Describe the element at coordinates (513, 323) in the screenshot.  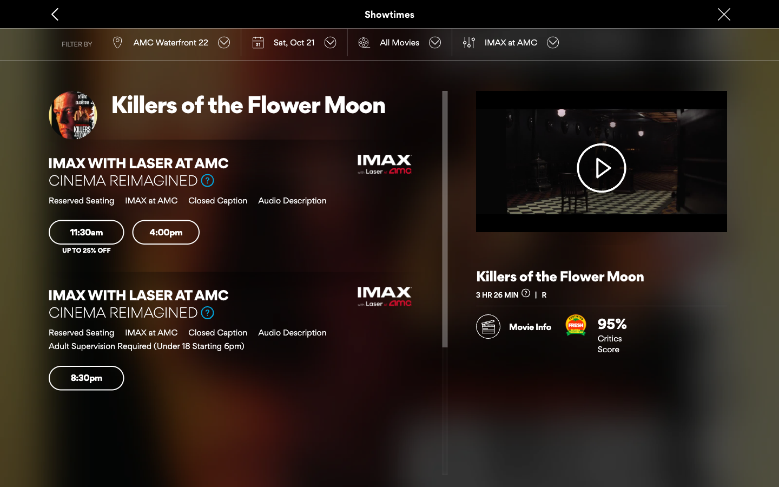
I see `movie data then proceed to the former screen` at that location.